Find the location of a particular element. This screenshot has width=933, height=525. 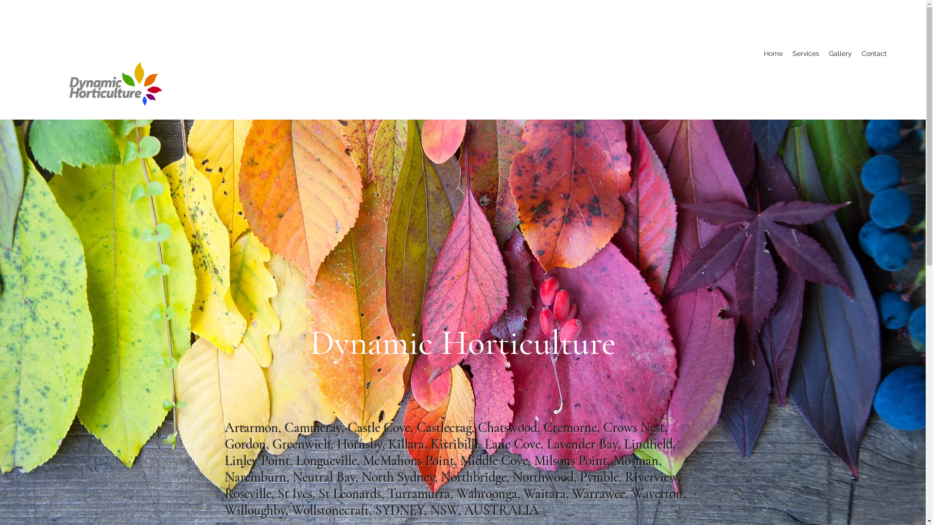

'Home' is located at coordinates (773, 53).